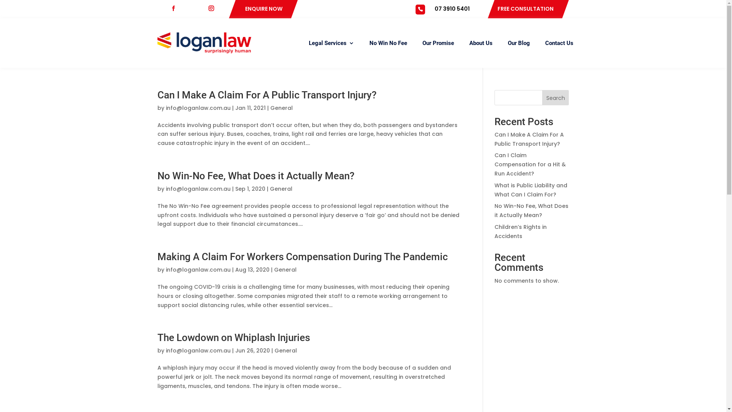 This screenshot has width=732, height=412. I want to click on 'About Us', so click(480, 43).